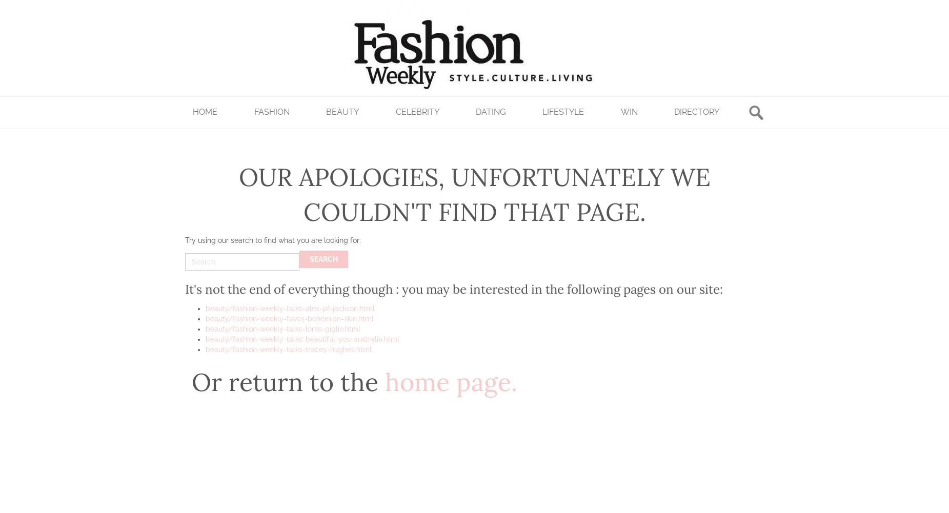 The width and height of the screenshot is (949, 513). I want to click on 'beauty/fashion-weekly-talks-alex-pf-jackson.html', so click(289, 309).